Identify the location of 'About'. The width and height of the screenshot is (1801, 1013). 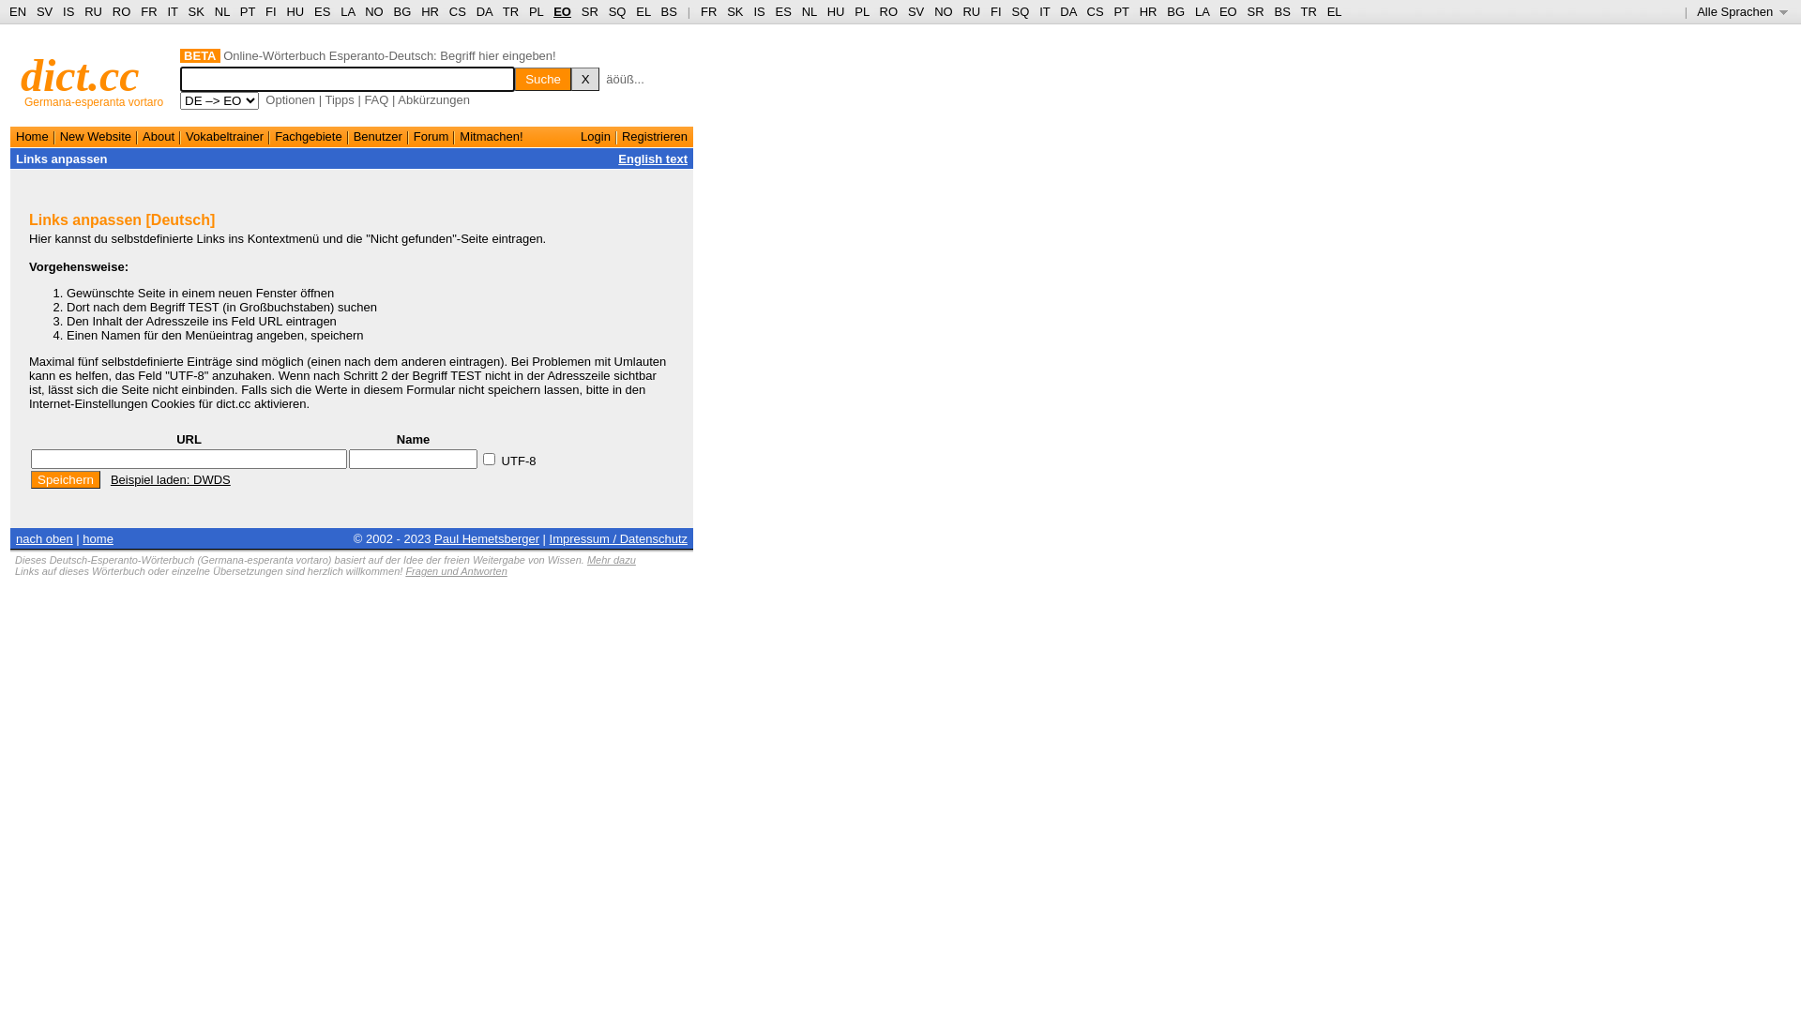
(142, 135).